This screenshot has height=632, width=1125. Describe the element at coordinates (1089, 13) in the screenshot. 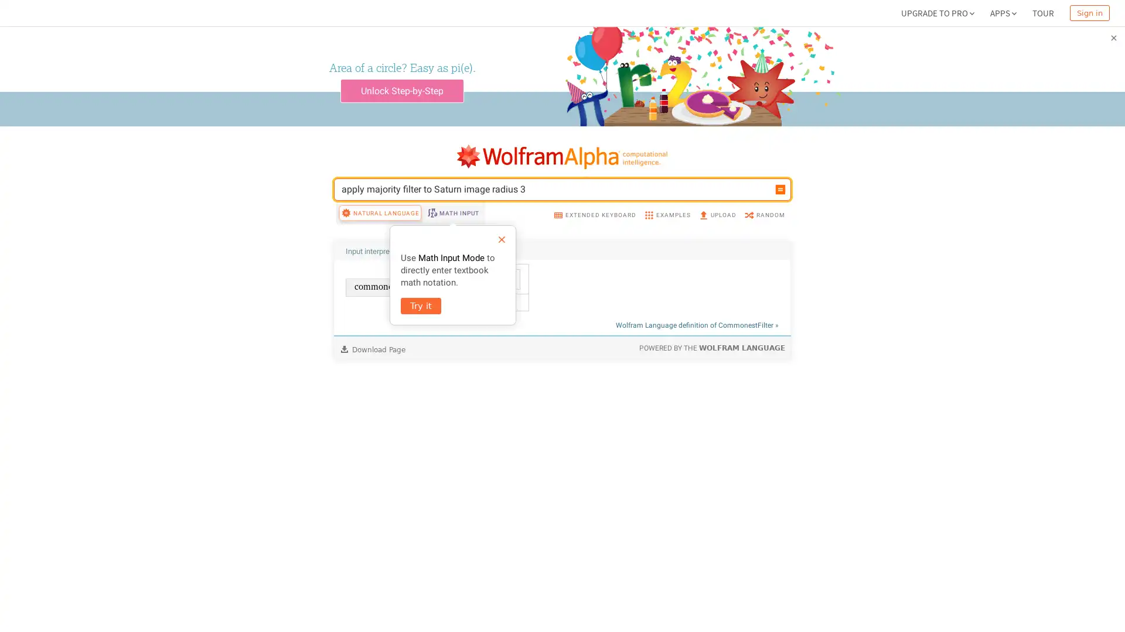

I see `Sign in` at that location.